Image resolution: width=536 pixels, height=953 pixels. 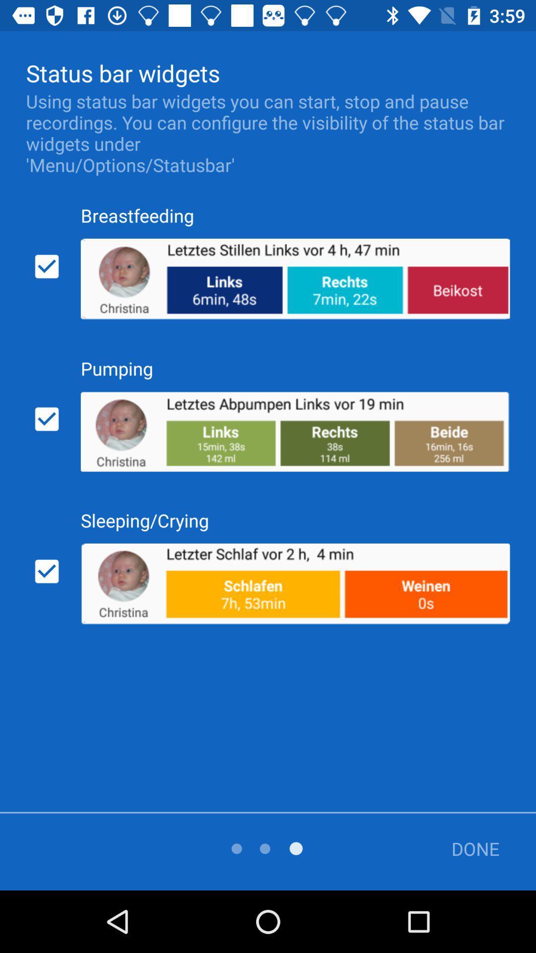 What do you see at coordinates (47, 571) in the screenshot?
I see `mark this checkbox` at bounding box center [47, 571].